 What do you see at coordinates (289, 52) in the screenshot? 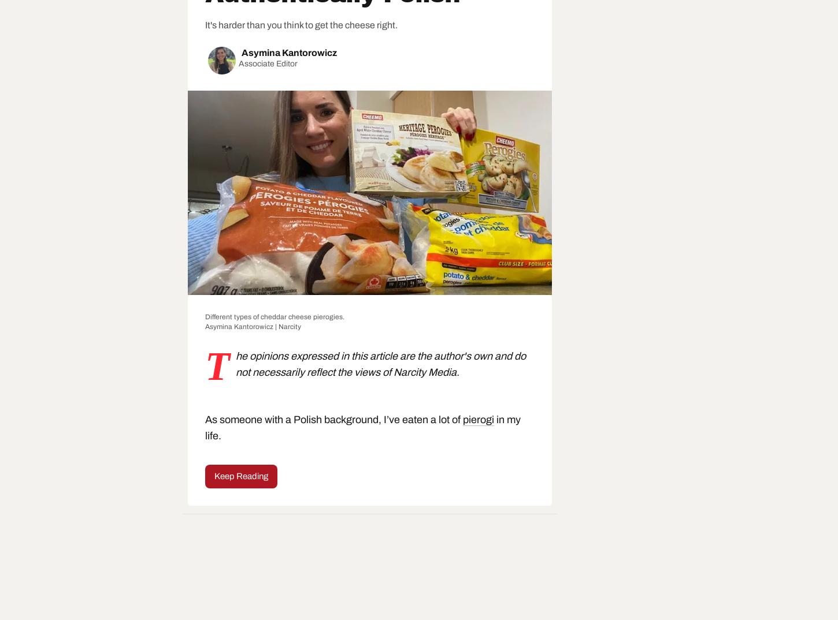
I see `'Asymina Kantorowicz'` at bounding box center [289, 52].